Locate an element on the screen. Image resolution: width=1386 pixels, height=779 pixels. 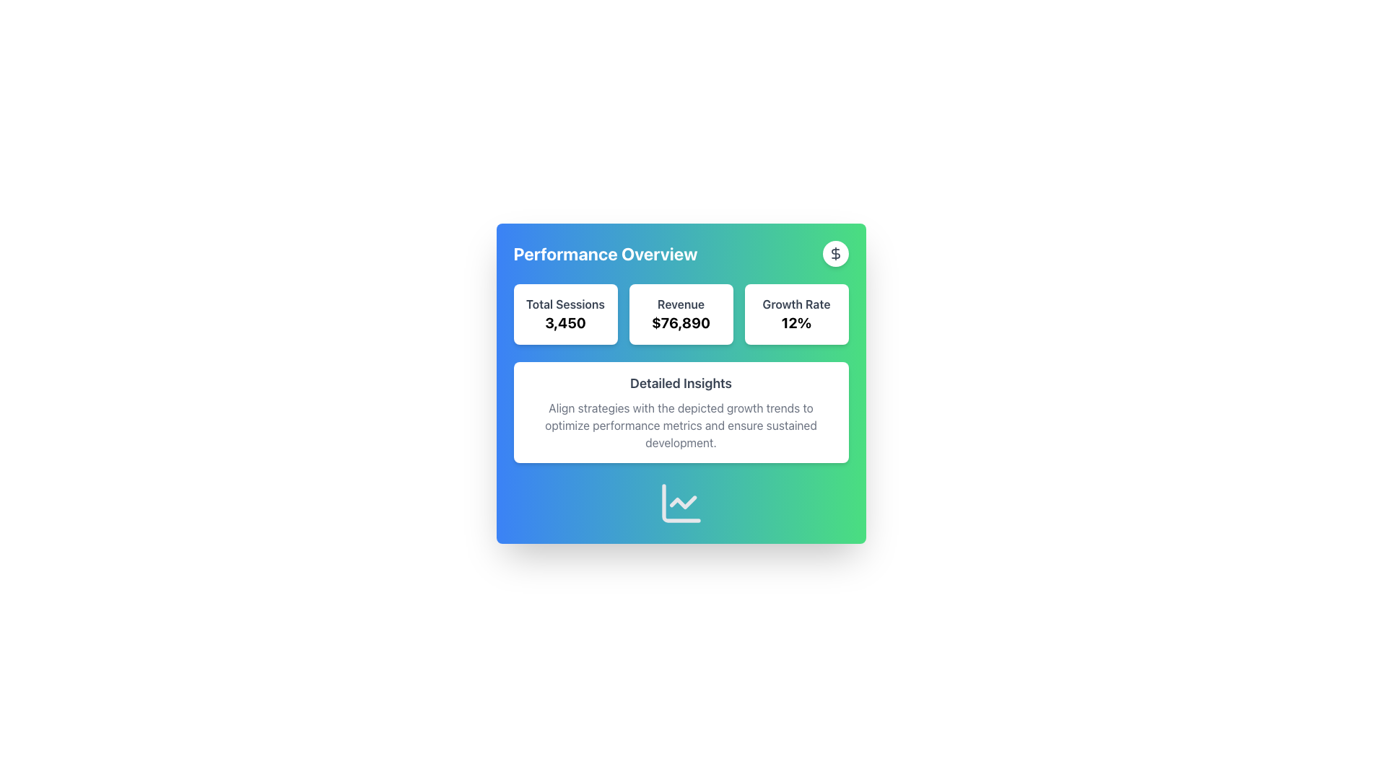
text displayed on the Information Card, which shows the growth rate as a percentage, located in the third column of the grid layout, to the right of the Revenue box is located at coordinates (796, 313).